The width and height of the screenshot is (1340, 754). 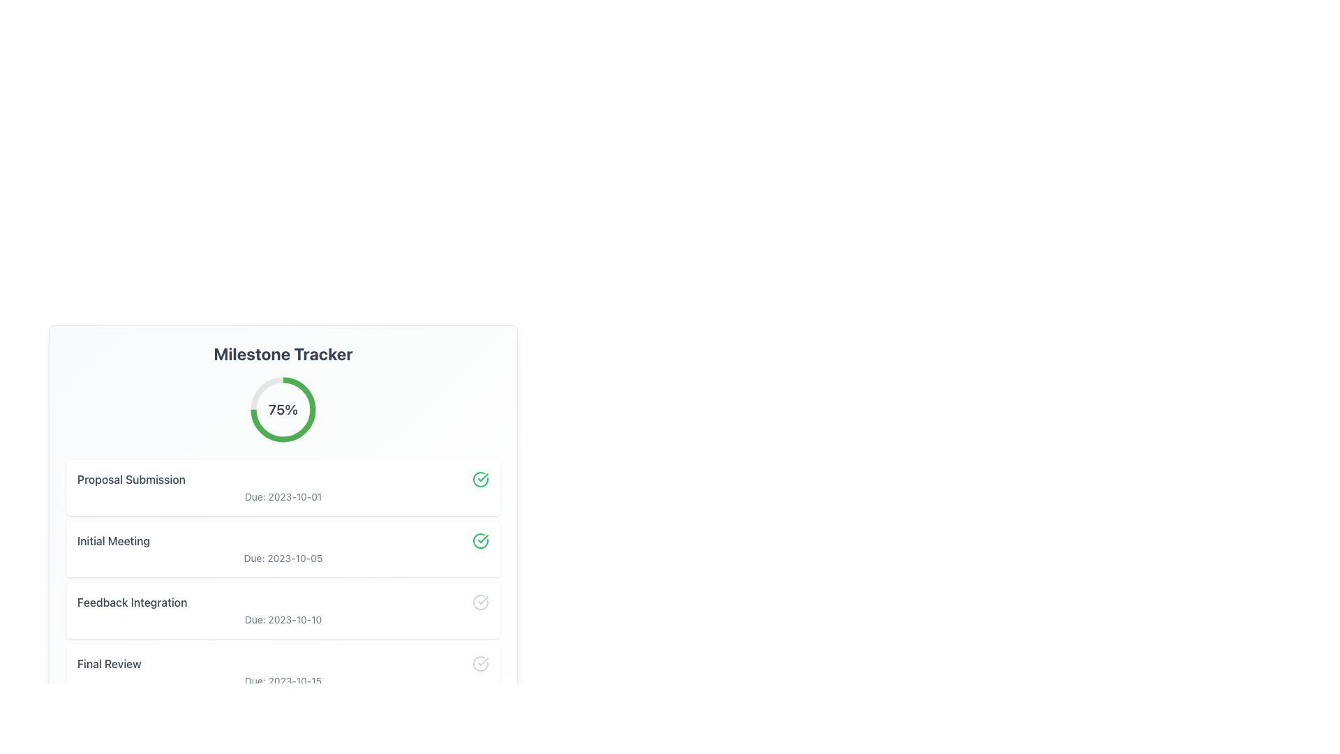 I want to click on the checkmark icon indicating that the 'Initial Meeting' milestone has been completed, which is located in the second position of the milestones list, so click(x=483, y=476).